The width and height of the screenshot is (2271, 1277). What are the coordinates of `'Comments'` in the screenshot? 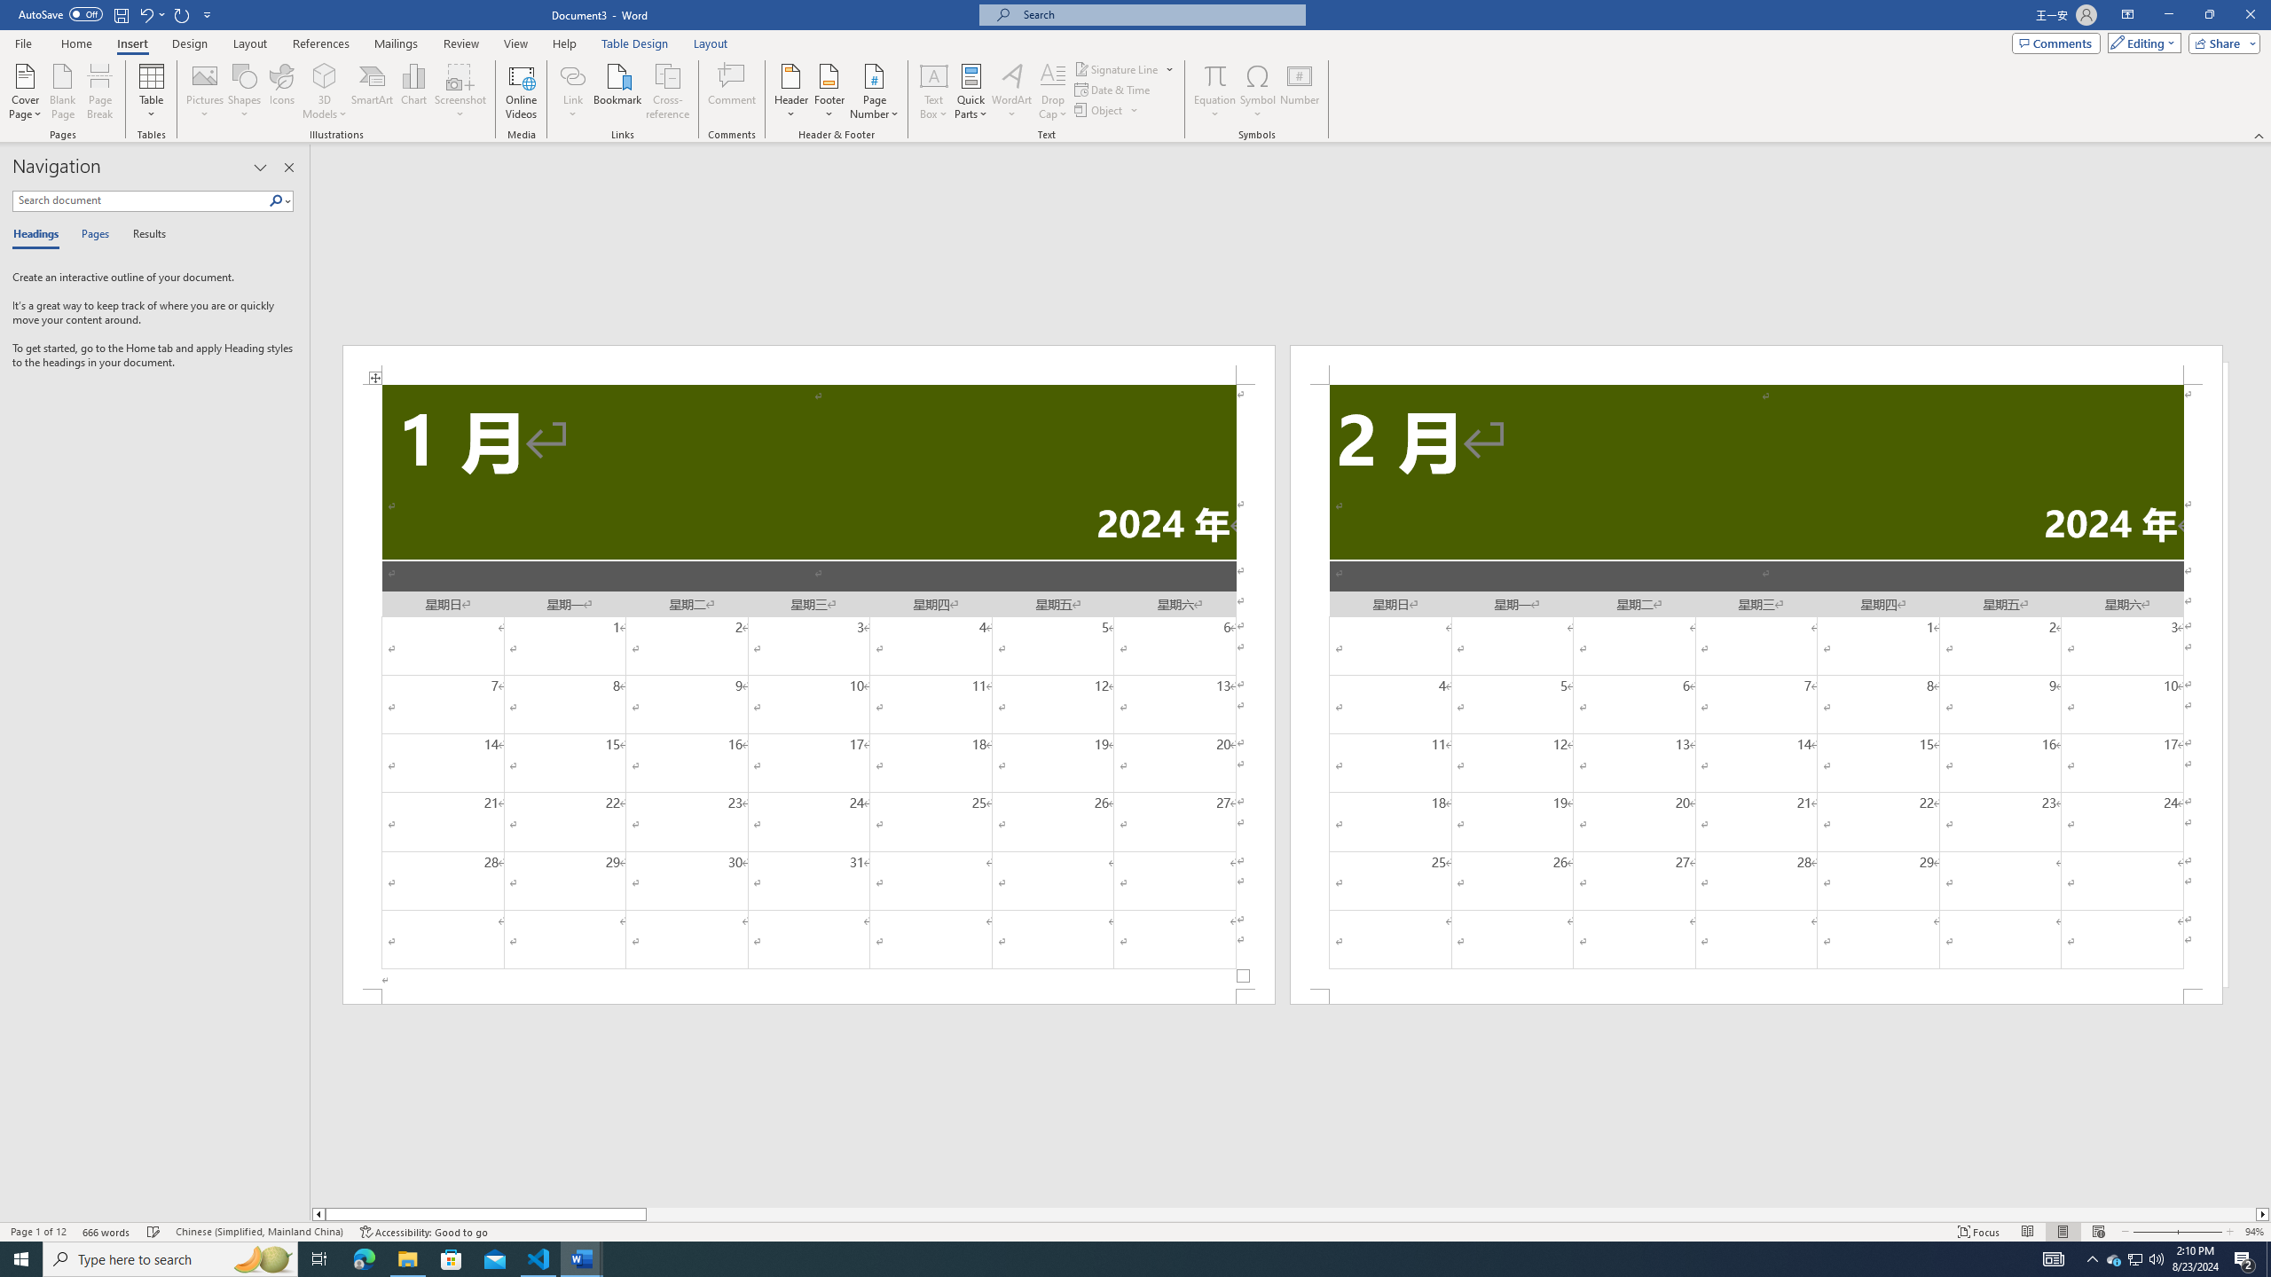 It's located at (2056, 42).